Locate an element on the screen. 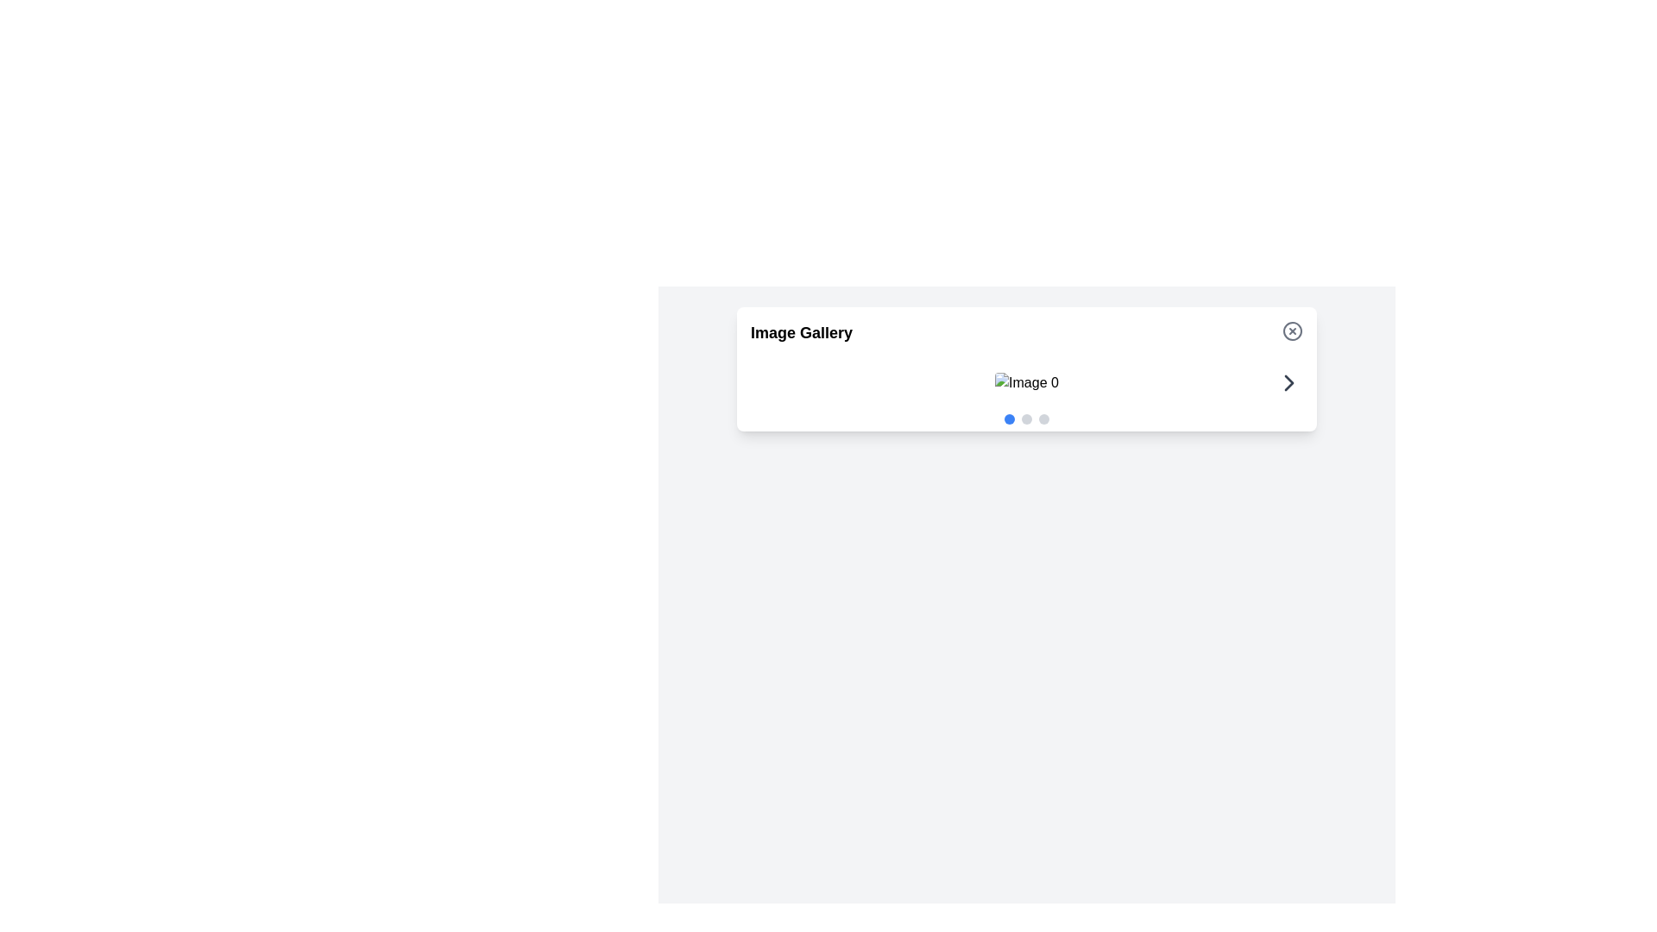 This screenshot has width=1657, height=932. the image displayed is located at coordinates (1027, 381).